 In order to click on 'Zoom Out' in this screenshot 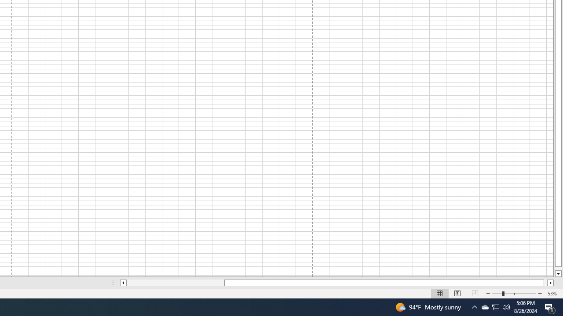, I will do `click(497, 294)`.